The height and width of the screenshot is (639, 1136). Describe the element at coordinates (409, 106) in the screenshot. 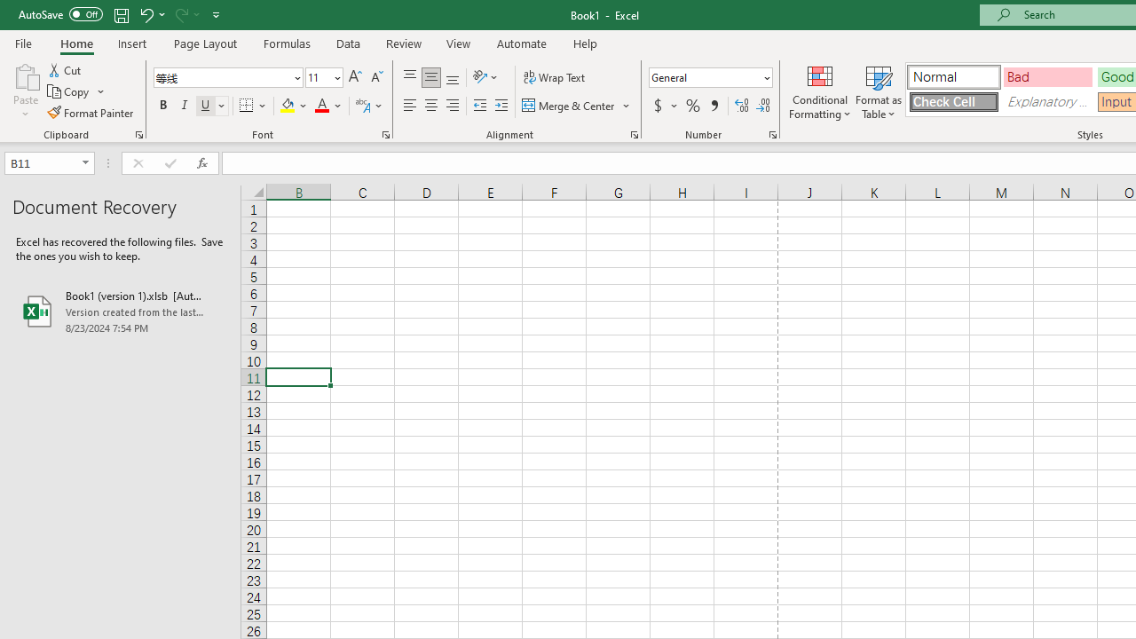

I see `'Align Left'` at that location.